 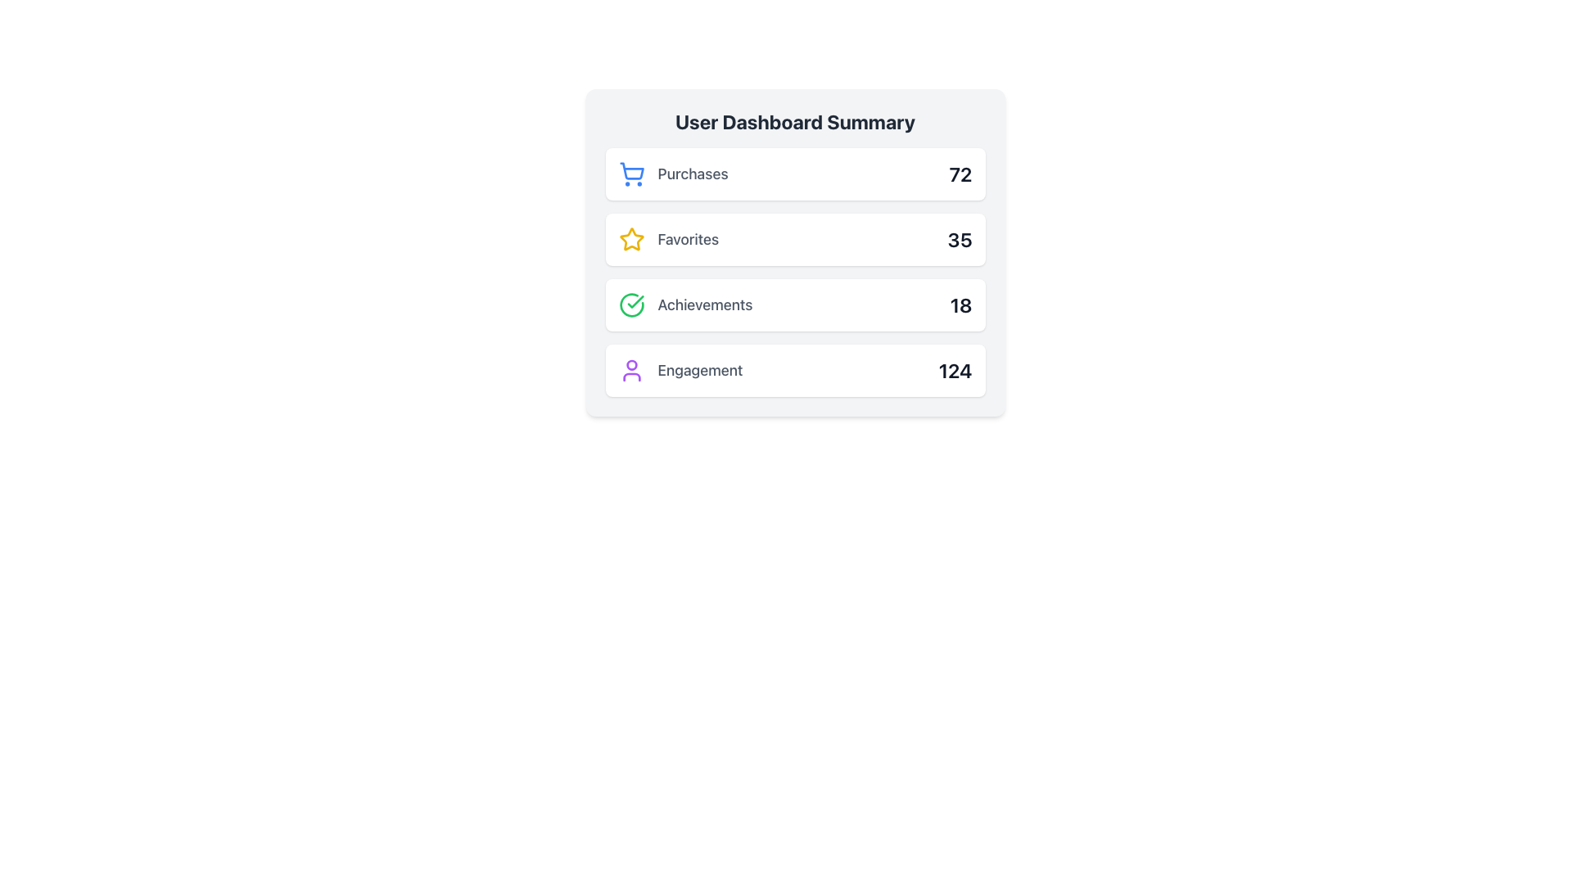 What do you see at coordinates (673, 174) in the screenshot?
I see `the 'Purchases' text label in the user dashboard that describes the purchases category, located to the right of the blue cart icon` at bounding box center [673, 174].